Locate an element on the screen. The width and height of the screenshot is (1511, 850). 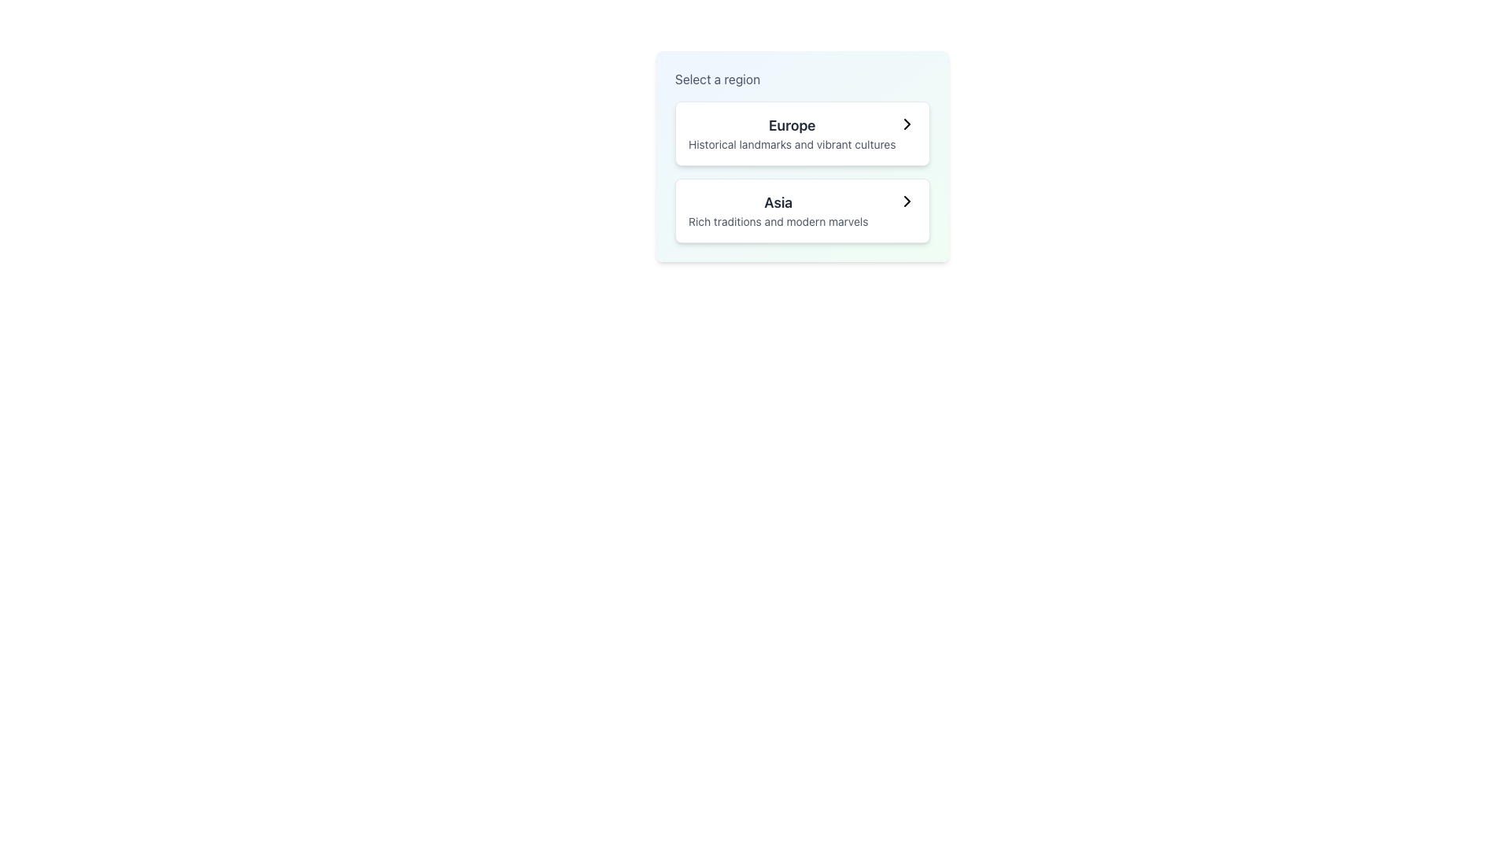
the text label reading 'Historical landmarks and vibrant cultures', which is located below the heading 'Europe' within the Europe section card is located at coordinates (792, 145).